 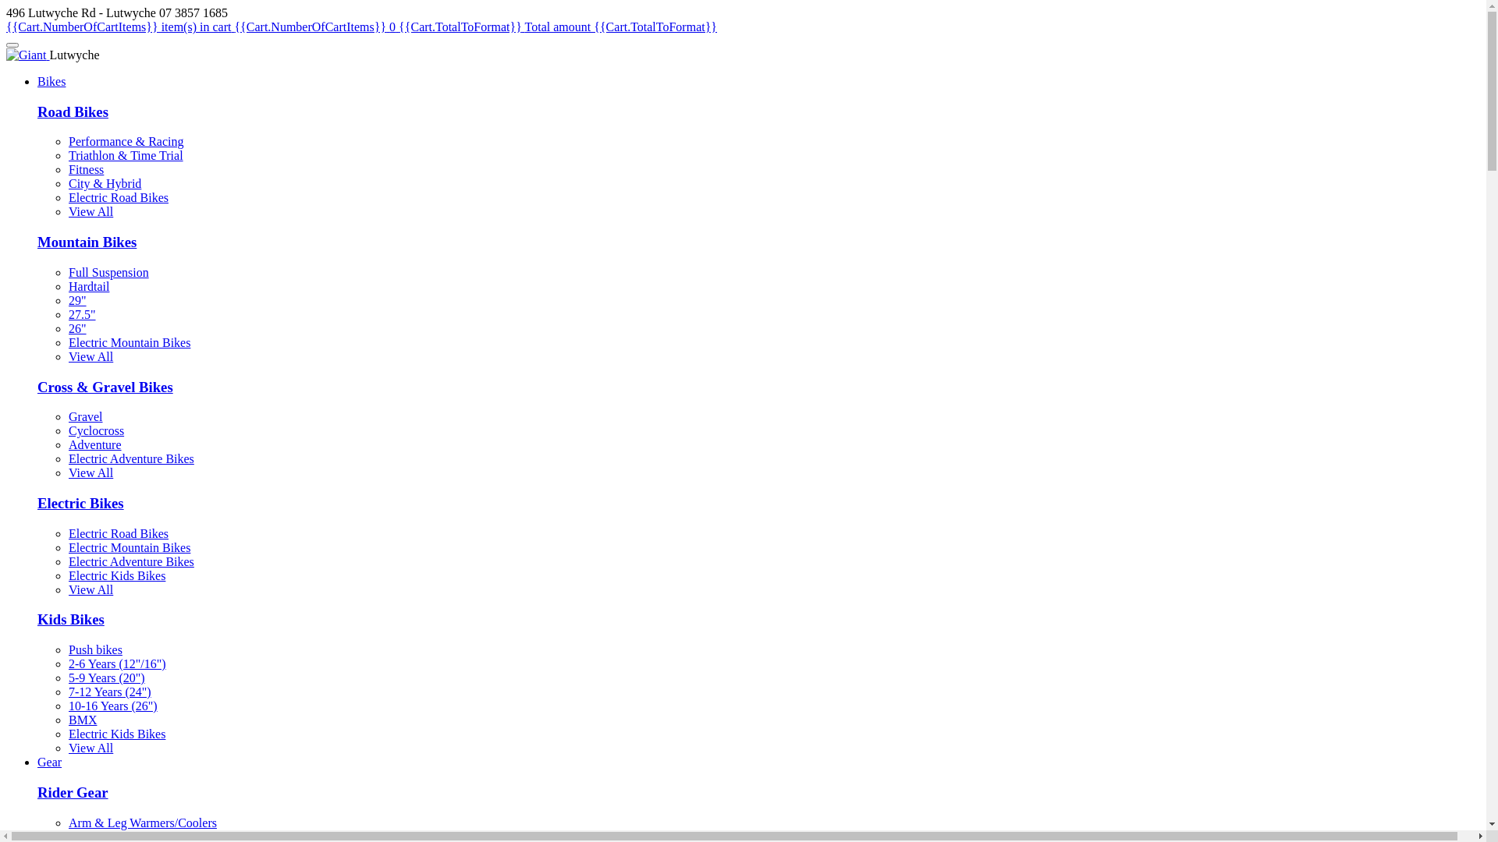 I want to click on '7-12 Years (24")', so click(x=108, y=691).